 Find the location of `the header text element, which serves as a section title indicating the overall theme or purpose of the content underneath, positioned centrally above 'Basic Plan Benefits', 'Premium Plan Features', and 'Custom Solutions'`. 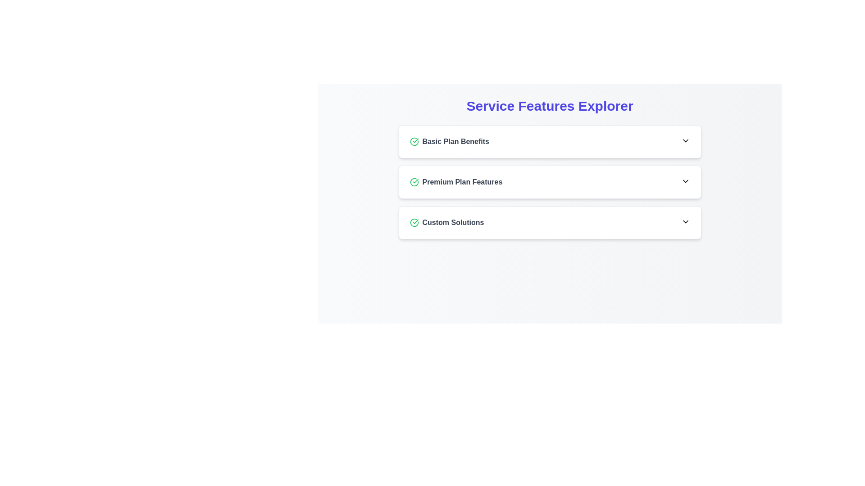

the header text element, which serves as a section title indicating the overall theme or purpose of the content underneath, positioned centrally above 'Basic Plan Benefits', 'Premium Plan Features', and 'Custom Solutions' is located at coordinates (549, 105).